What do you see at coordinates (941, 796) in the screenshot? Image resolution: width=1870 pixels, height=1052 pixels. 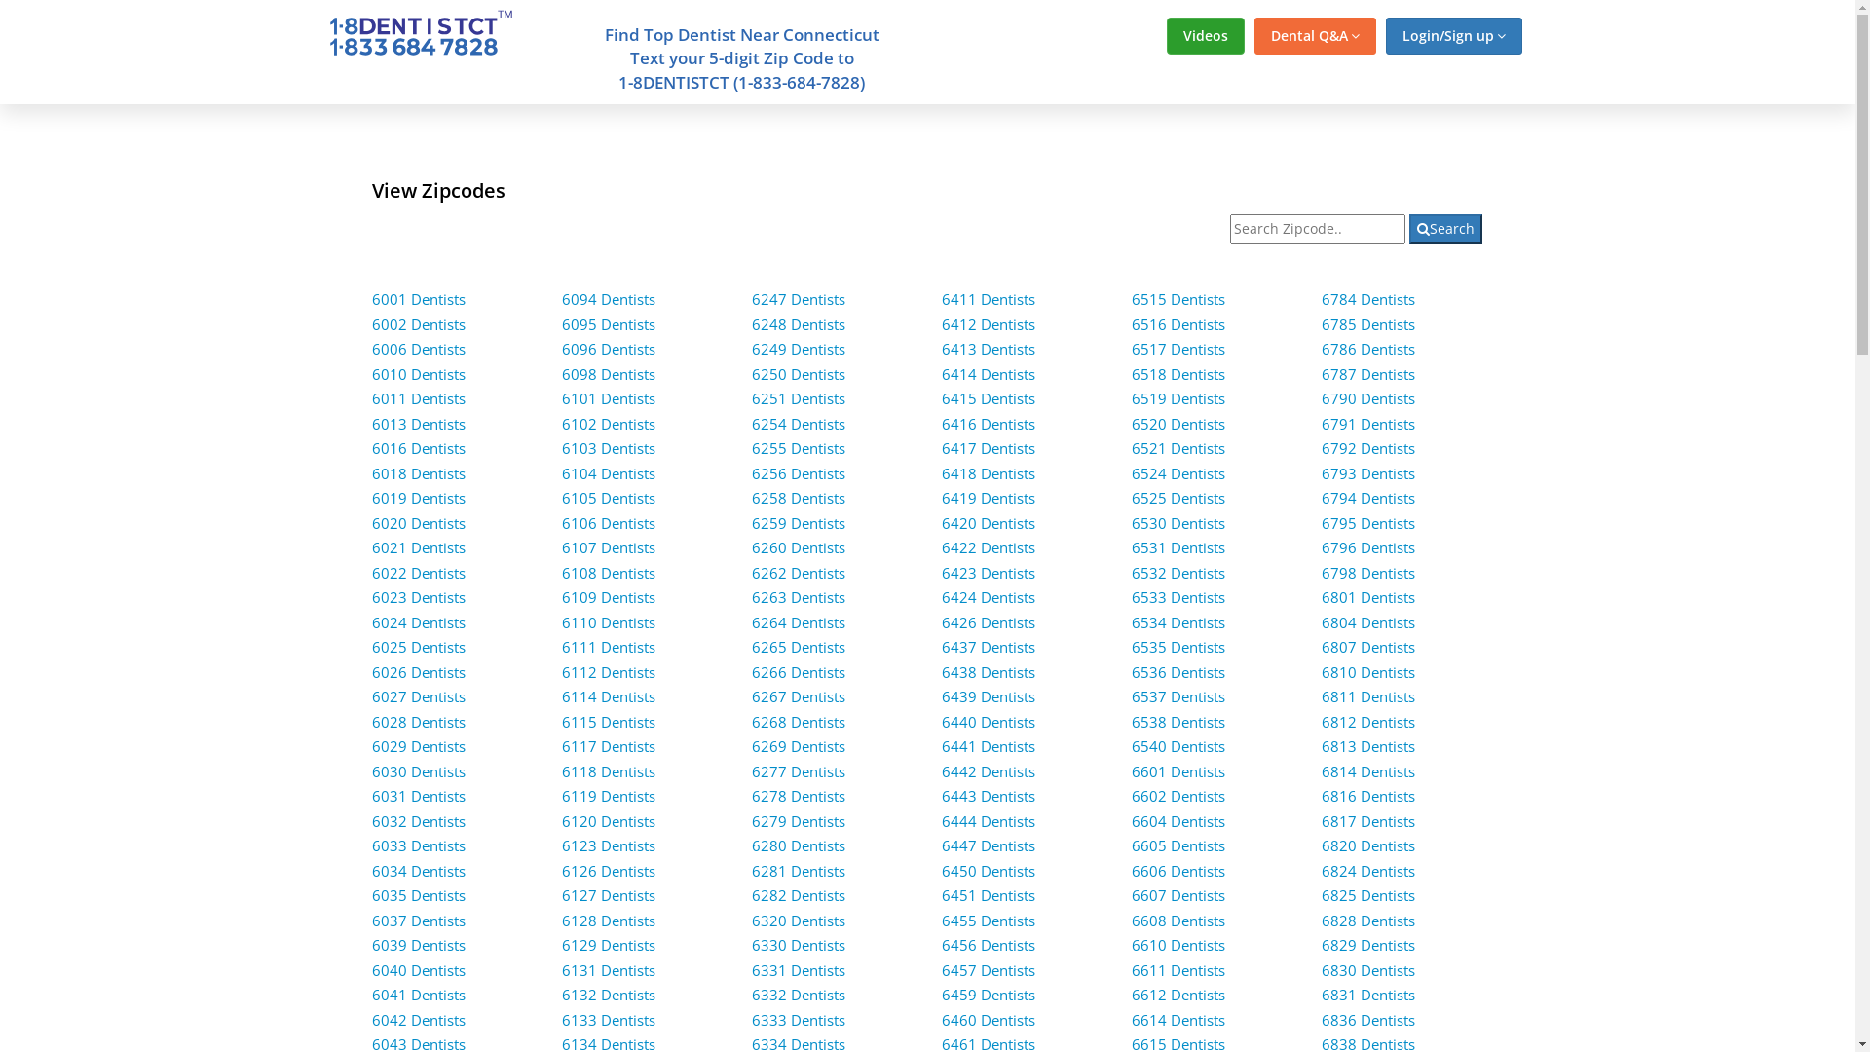 I see `'6443 Dentists'` at bounding box center [941, 796].